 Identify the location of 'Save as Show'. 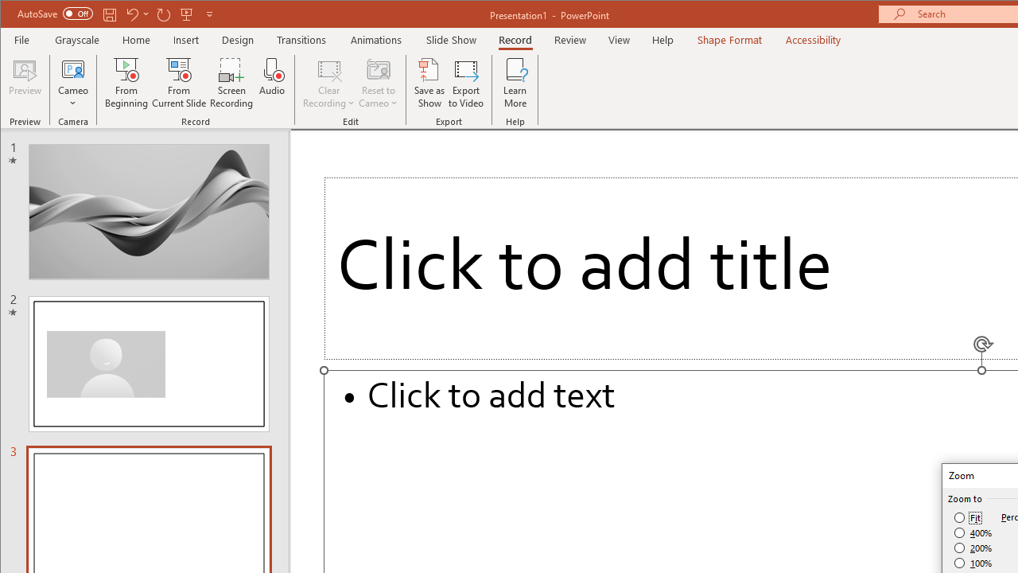
(429, 83).